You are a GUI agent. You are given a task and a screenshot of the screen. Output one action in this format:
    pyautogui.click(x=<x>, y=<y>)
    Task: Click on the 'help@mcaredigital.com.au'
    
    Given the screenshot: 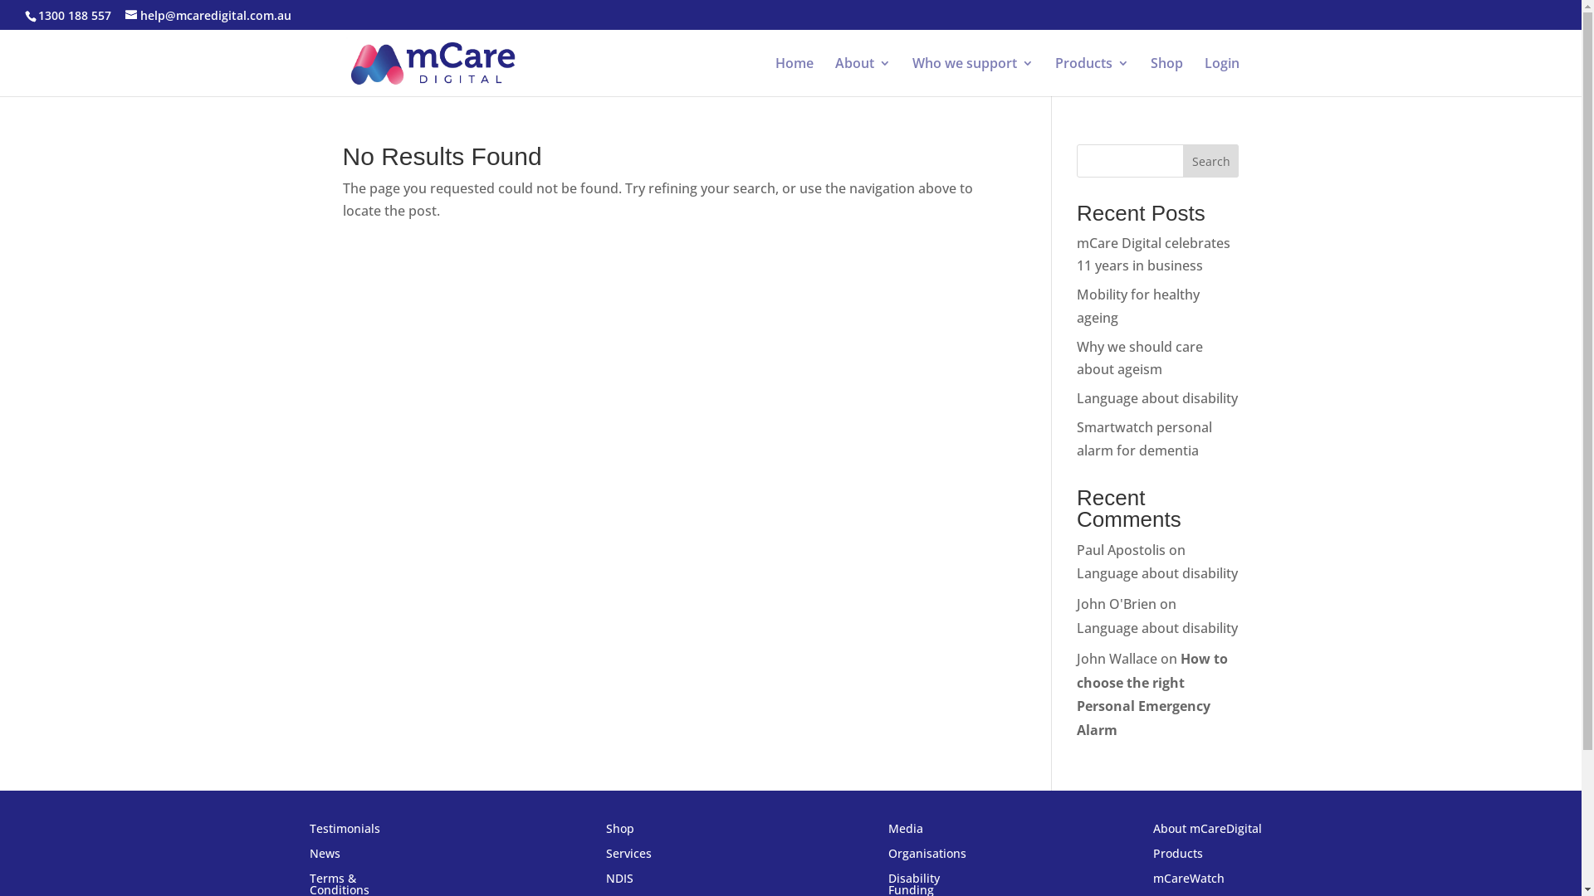 What is the action you would take?
    pyautogui.click(x=207, y=14)
    